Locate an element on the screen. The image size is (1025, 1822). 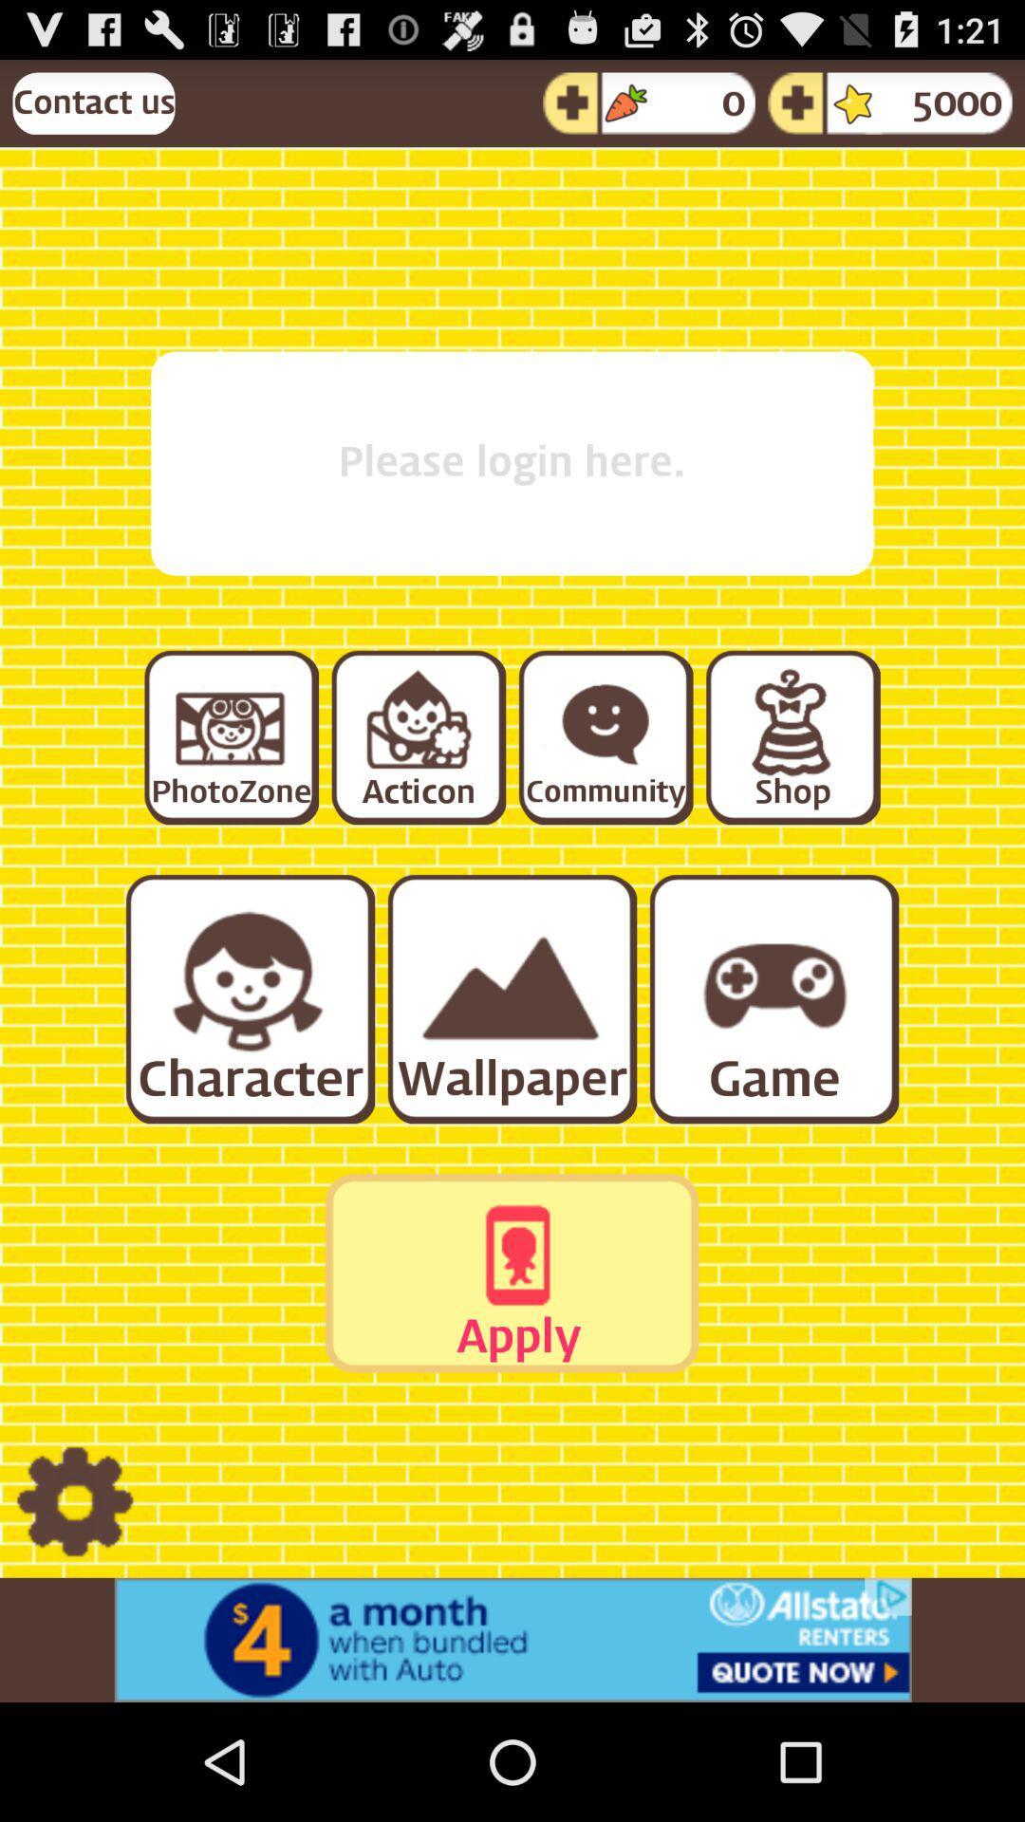
advertisement display is located at coordinates (512, 1639).